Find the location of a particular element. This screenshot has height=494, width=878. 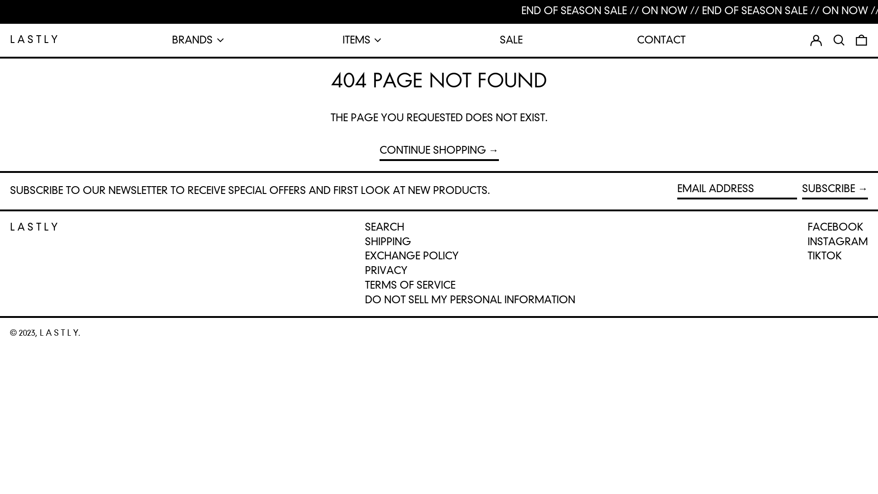

'SEARCH' is located at coordinates (384, 226).